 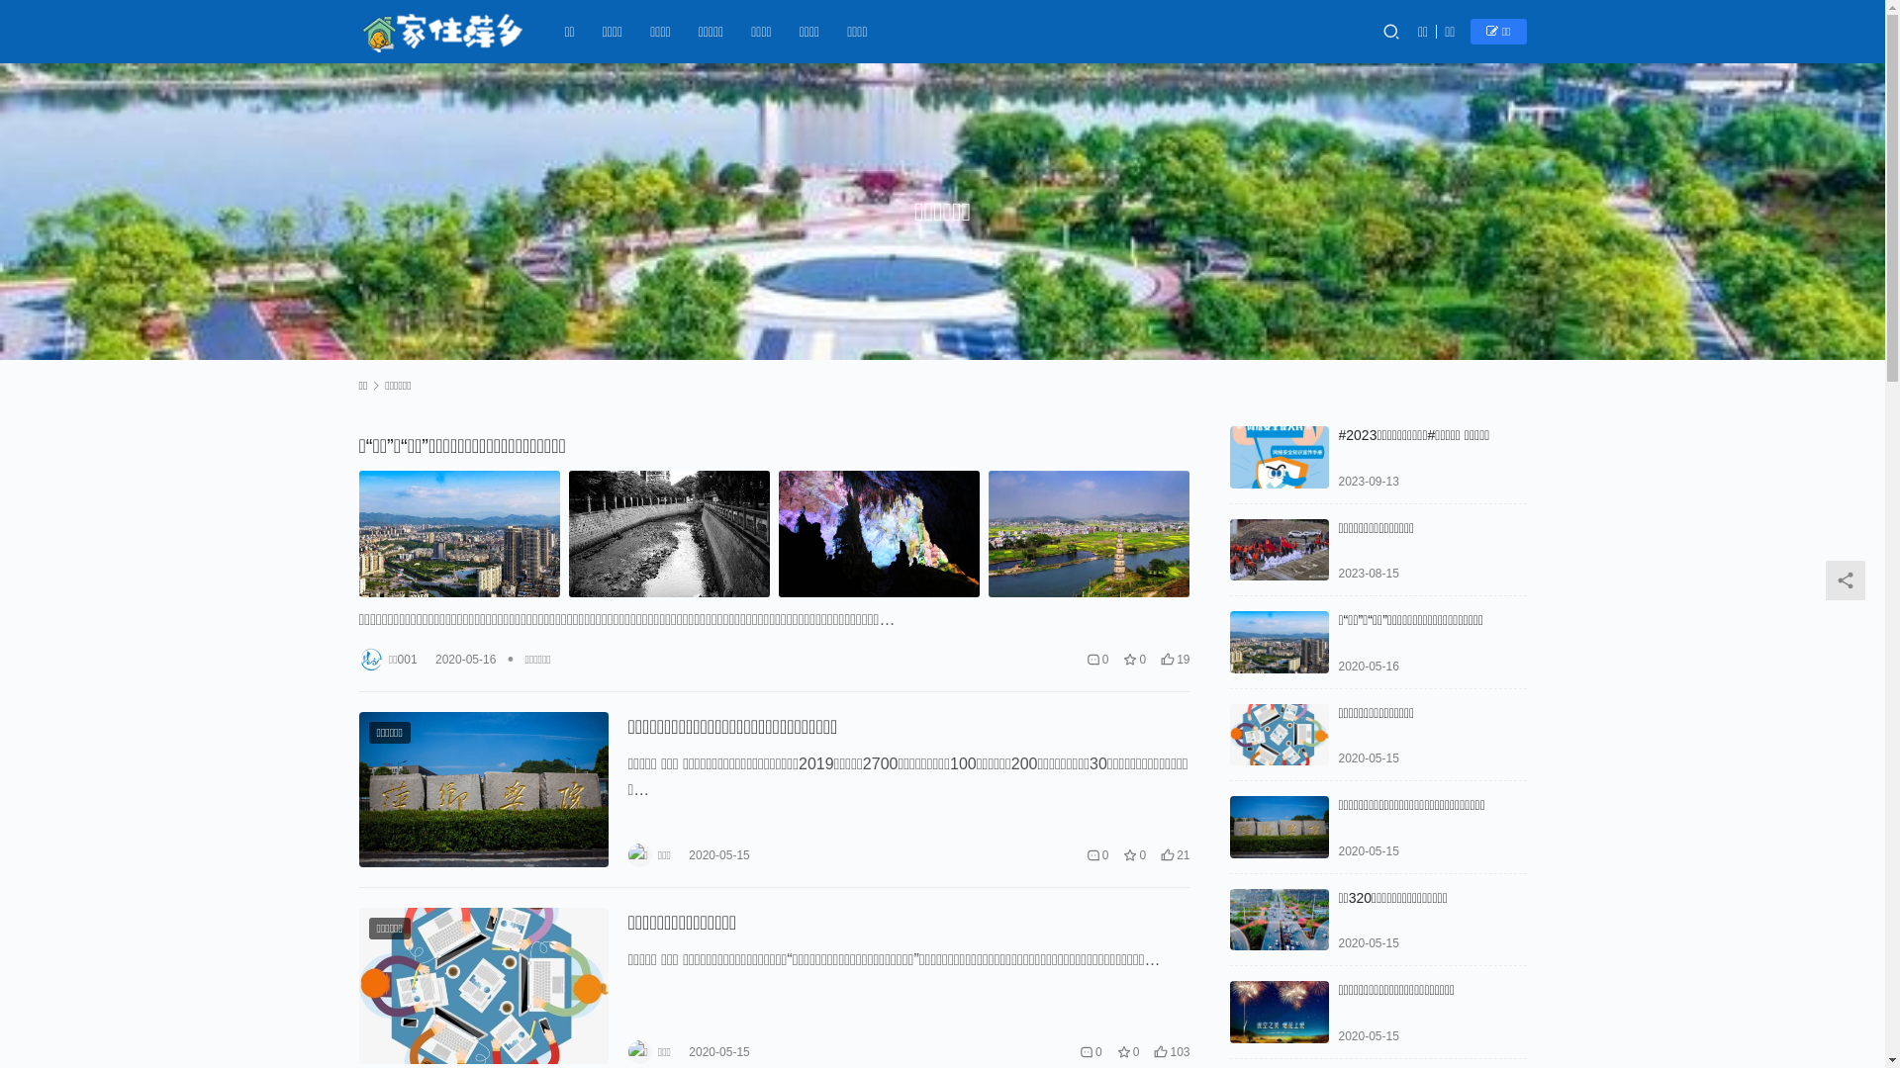 What do you see at coordinates (1090, 1051) in the screenshot?
I see `'0'` at bounding box center [1090, 1051].